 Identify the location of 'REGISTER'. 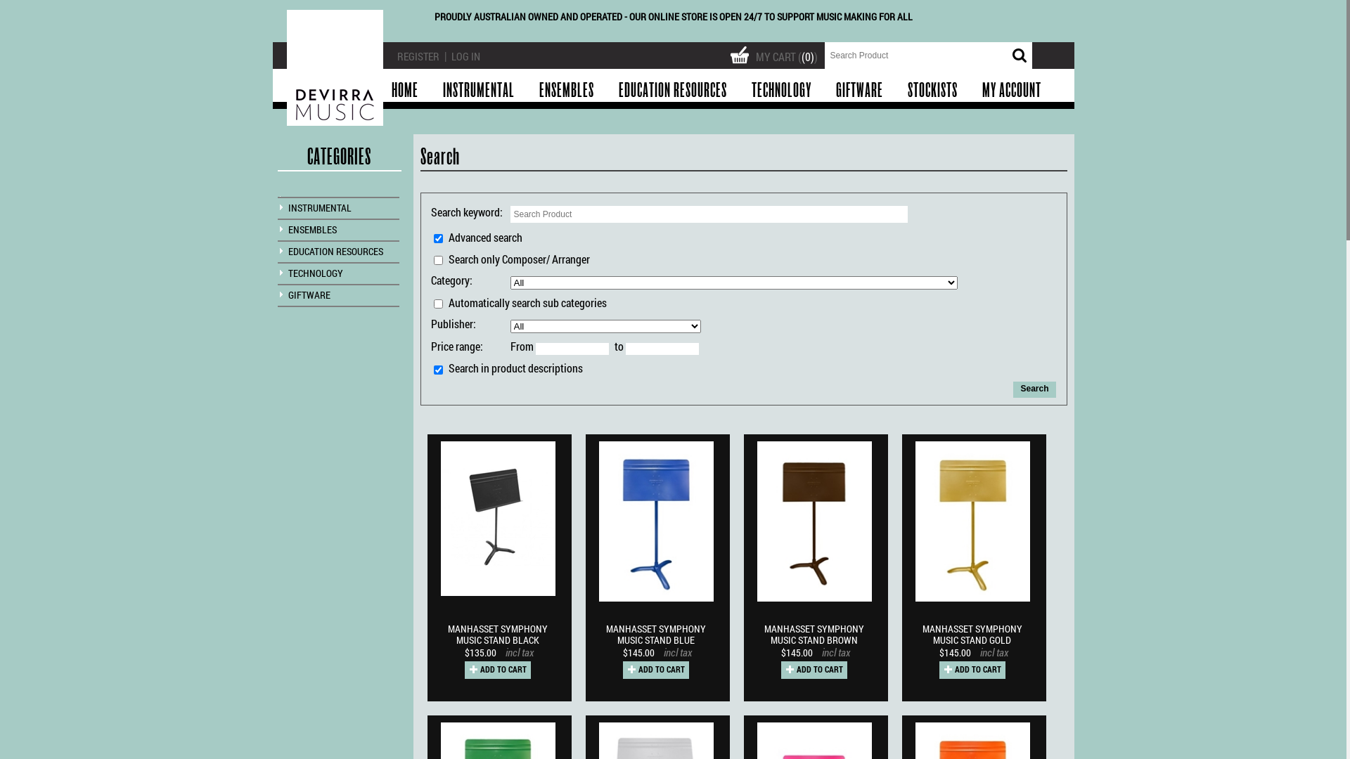
(417, 56).